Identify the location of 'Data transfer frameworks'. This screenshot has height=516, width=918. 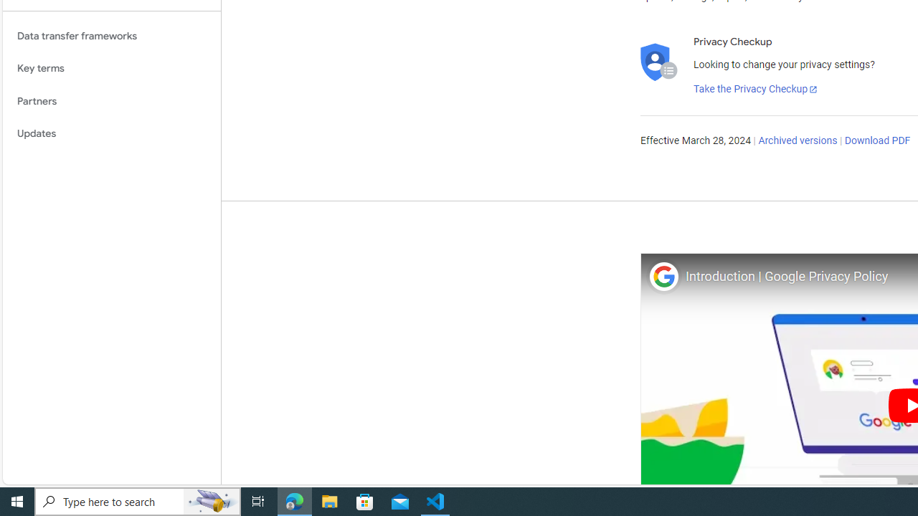
(111, 35).